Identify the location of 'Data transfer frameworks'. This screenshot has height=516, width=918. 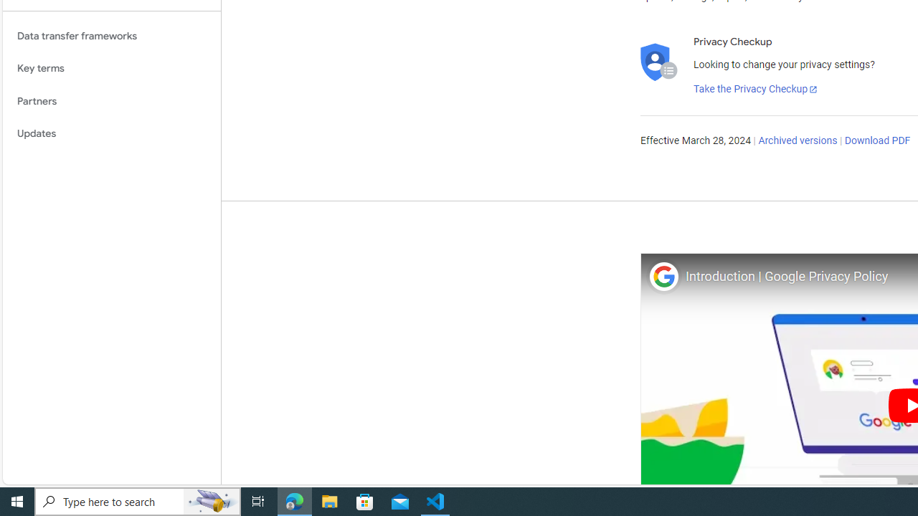
(111, 35).